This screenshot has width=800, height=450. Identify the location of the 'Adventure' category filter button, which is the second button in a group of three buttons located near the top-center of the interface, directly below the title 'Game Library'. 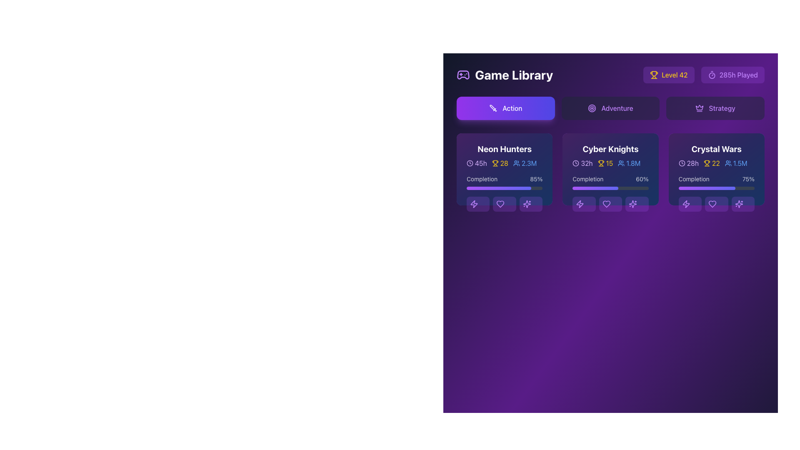
(610, 107).